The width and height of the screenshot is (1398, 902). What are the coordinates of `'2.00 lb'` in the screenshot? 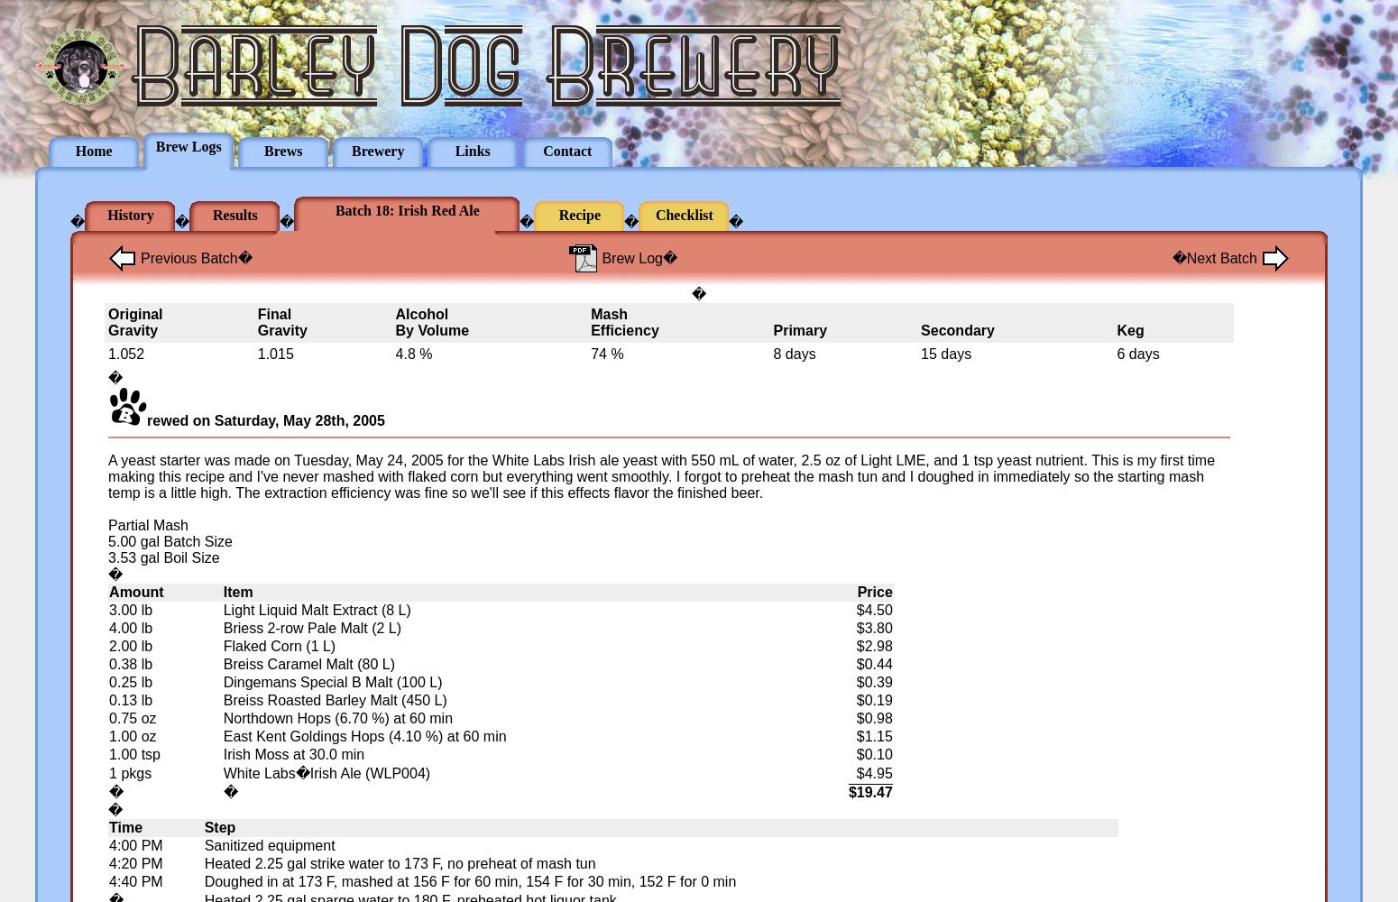 It's located at (130, 645).